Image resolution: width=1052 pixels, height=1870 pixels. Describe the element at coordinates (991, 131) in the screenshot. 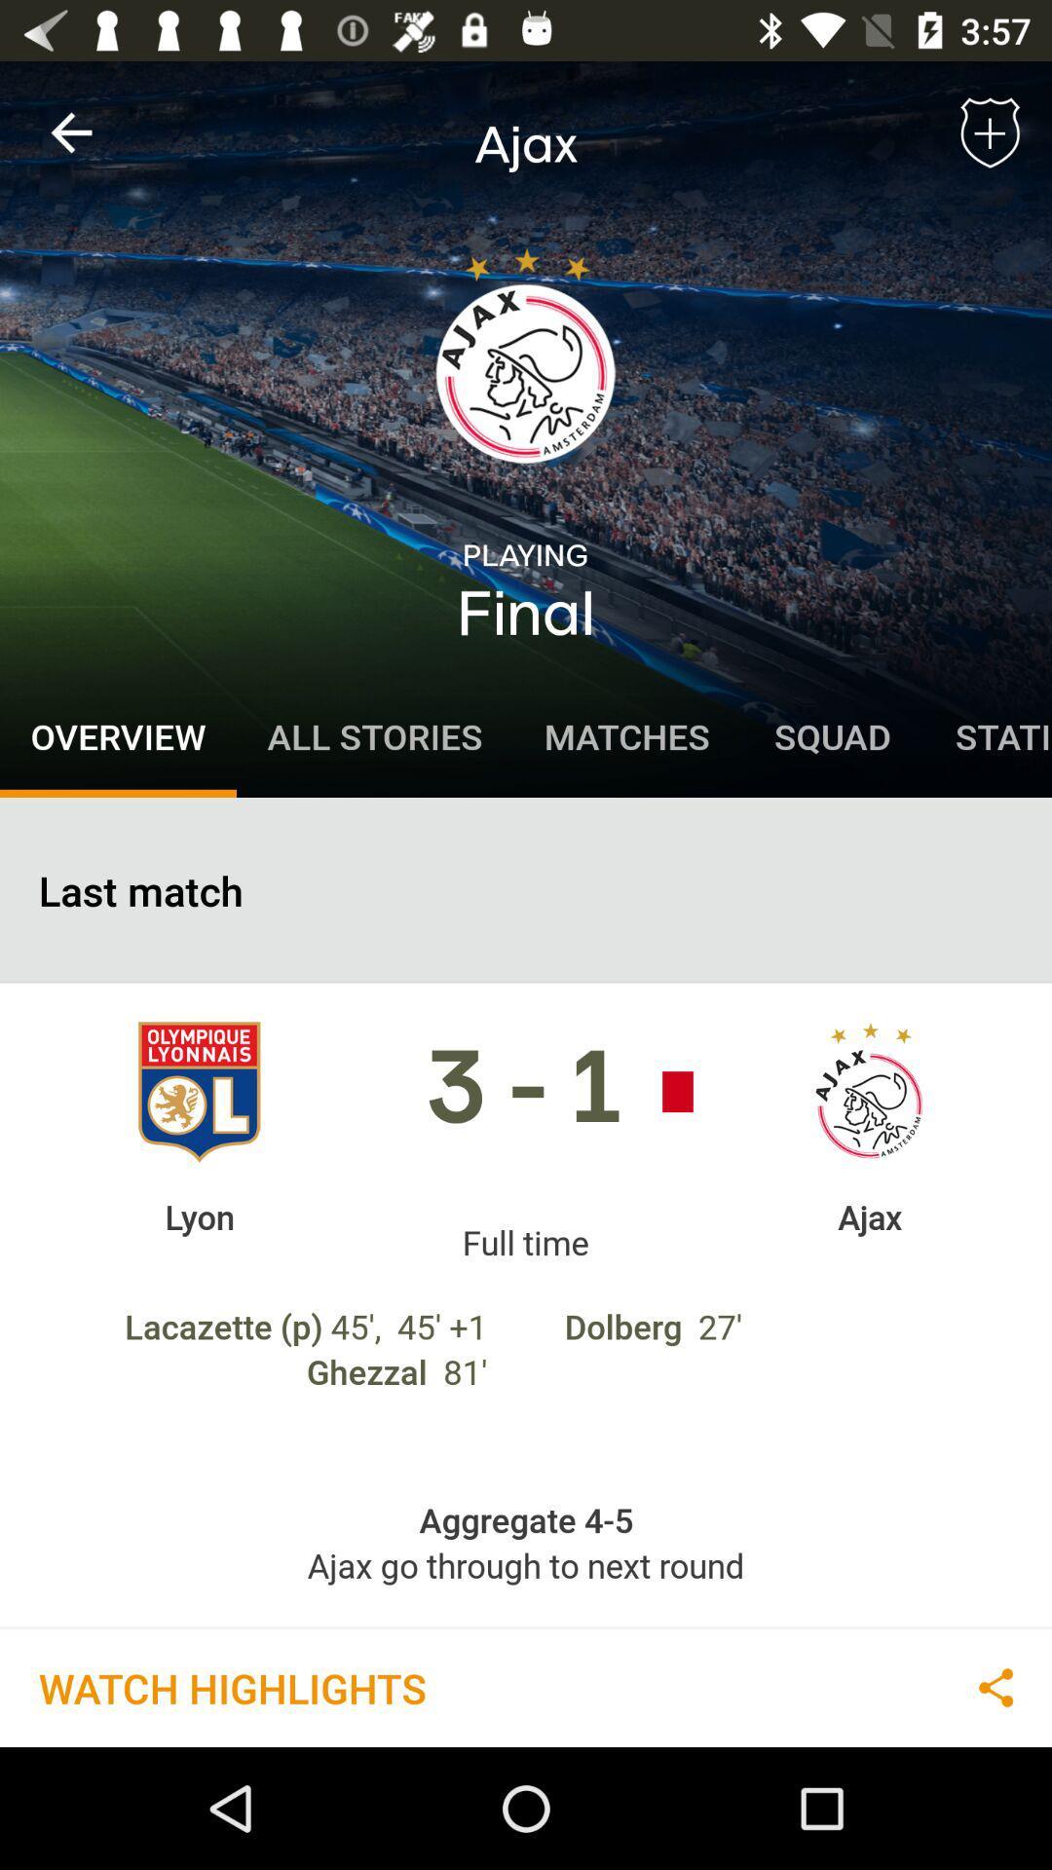

I see `the item at the top right corner` at that location.